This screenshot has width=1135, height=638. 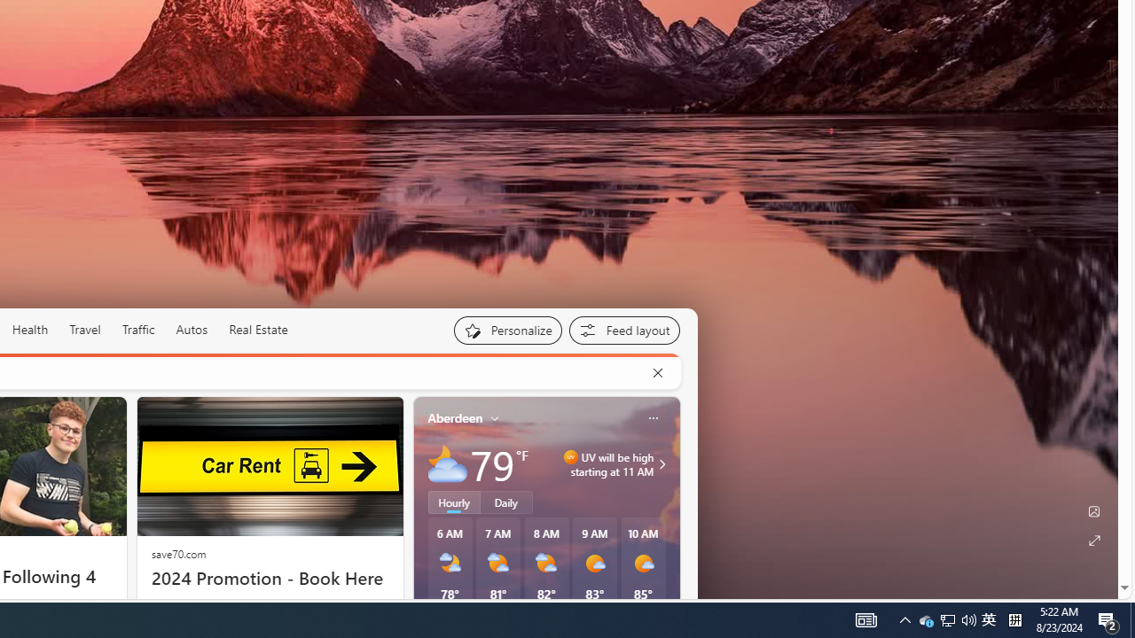 What do you see at coordinates (652, 417) in the screenshot?
I see `'Class: icon-img'` at bounding box center [652, 417].